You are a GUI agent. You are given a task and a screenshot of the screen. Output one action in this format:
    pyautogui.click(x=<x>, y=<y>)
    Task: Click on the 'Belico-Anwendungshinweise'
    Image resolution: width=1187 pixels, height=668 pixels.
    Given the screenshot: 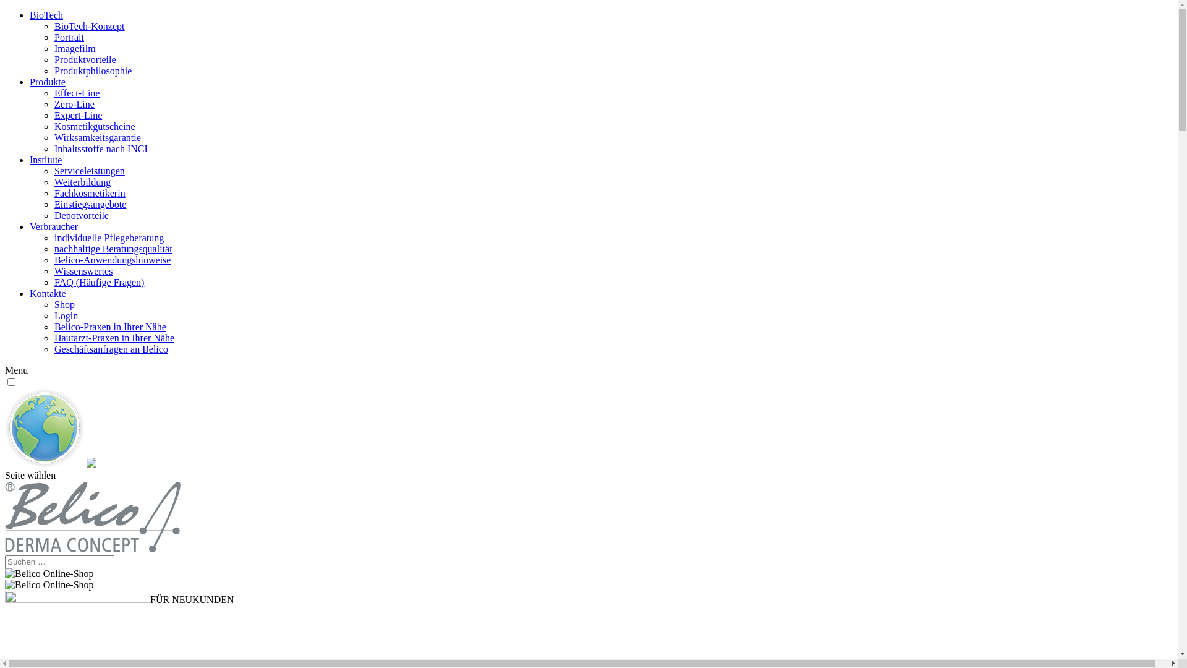 What is the action you would take?
    pyautogui.click(x=113, y=259)
    